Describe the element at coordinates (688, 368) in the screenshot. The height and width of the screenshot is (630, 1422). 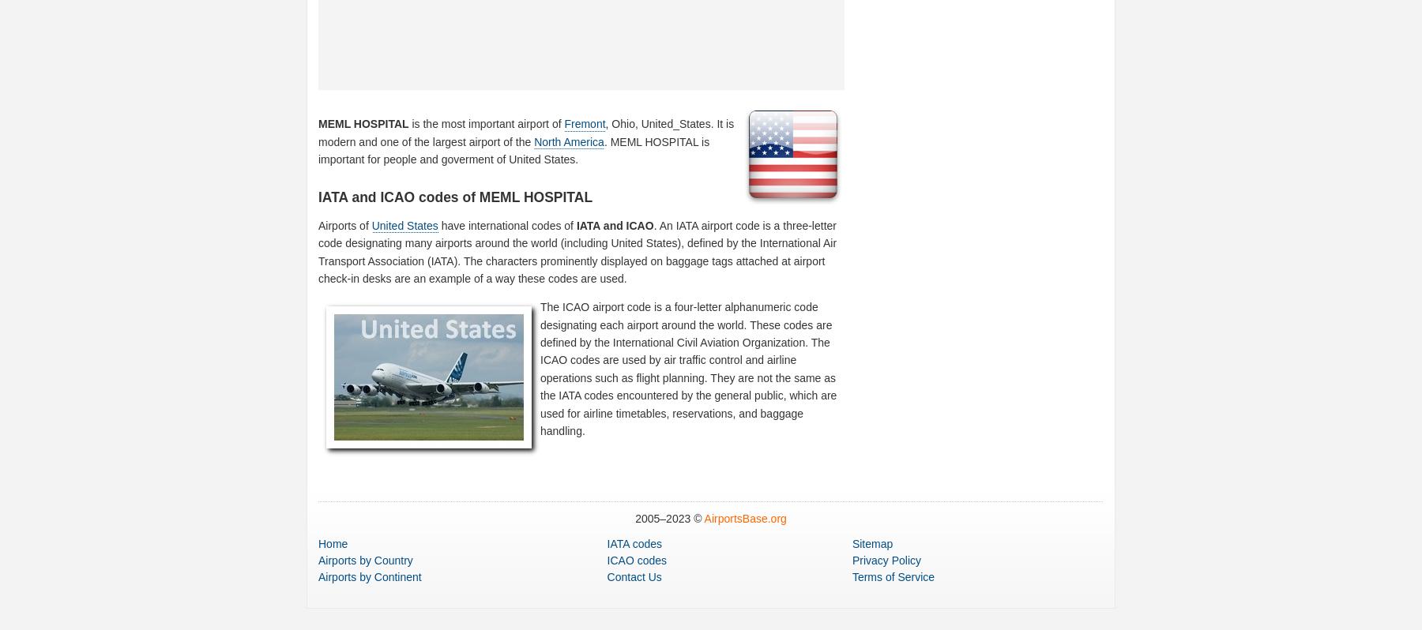
I see `'The ICAO  airport code is a four-letter alphanumeric code designating each airport around the world.
These codes are defined by the International Civil Aviation Organization. The ICAO codes are used by
air traffic control and airline operations such as flight planning. They are not the same as the IATA
codes encountered by the general public, which are used for airline timetables, reservations,
and baggage handling.'` at that location.